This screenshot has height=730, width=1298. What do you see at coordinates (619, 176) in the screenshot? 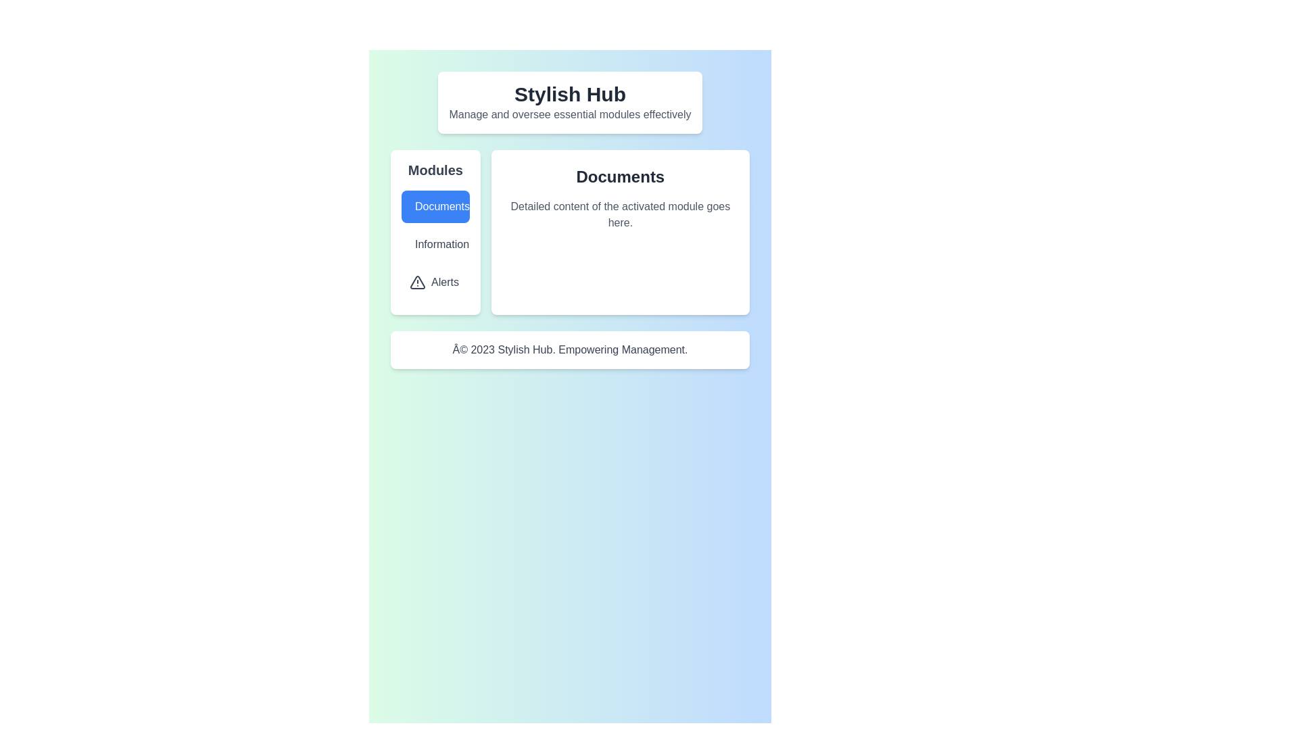
I see `the 'Documents' section header title text located at the top of the main content area, just below 'Stylish Hub'` at bounding box center [619, 176].